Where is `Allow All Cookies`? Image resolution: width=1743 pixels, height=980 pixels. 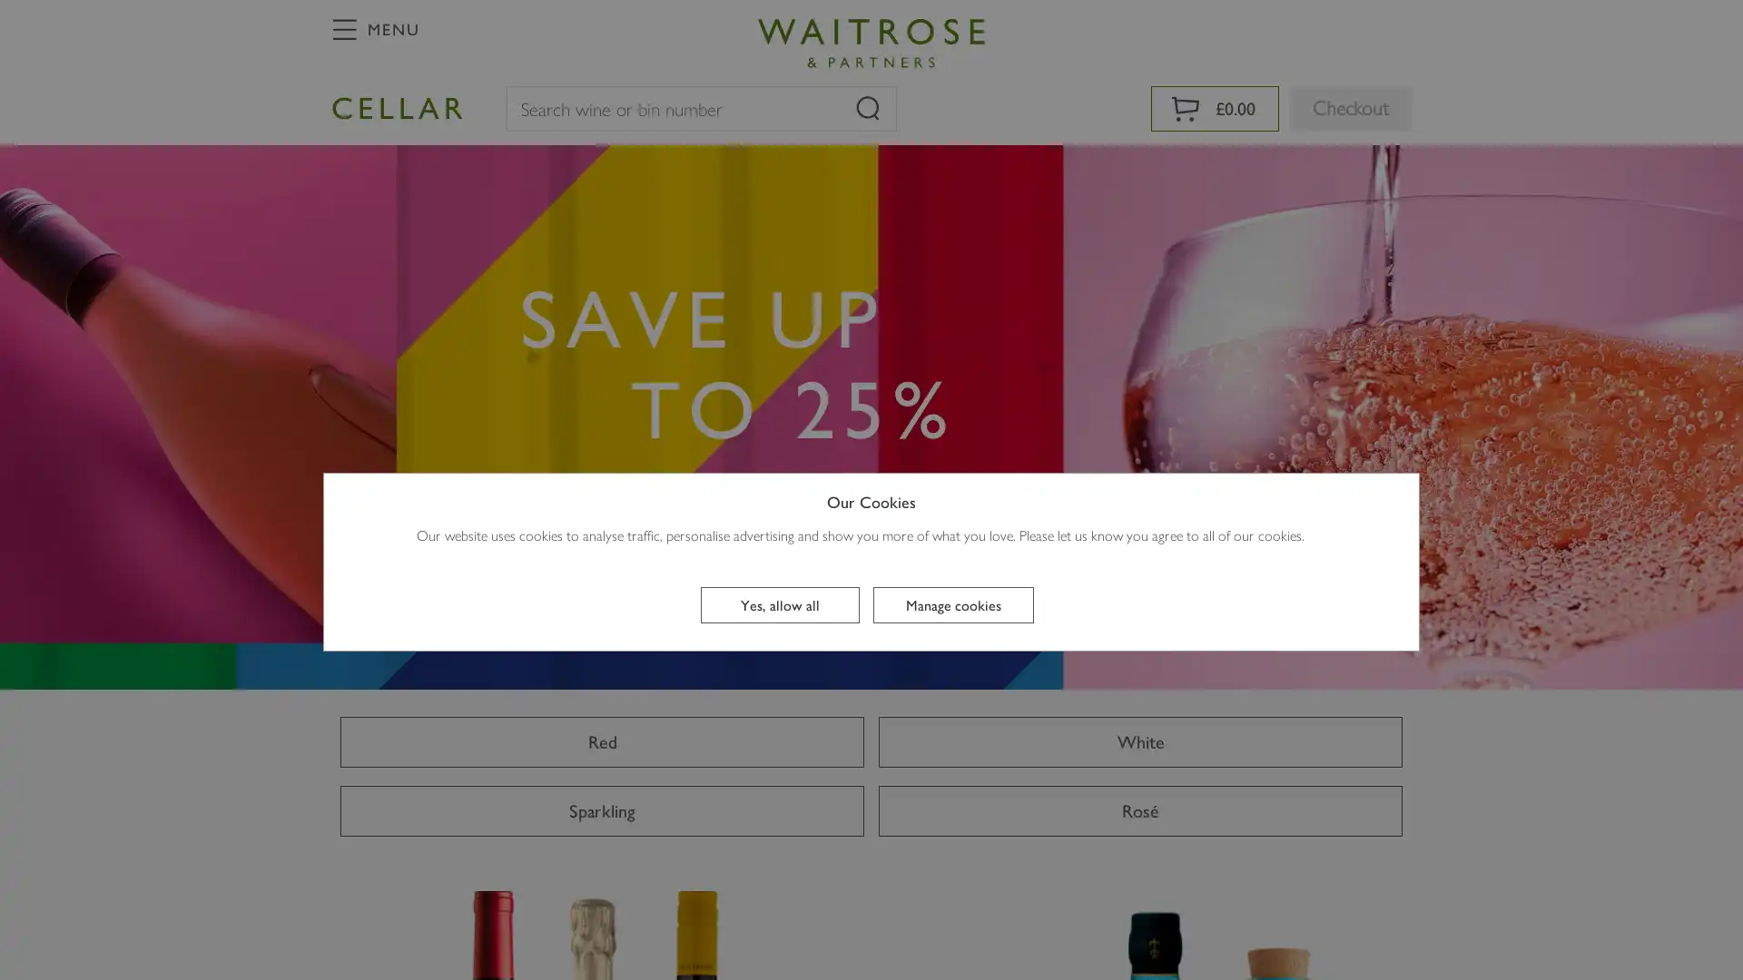 Allow All Cookies is located at coordinates (779, 605).